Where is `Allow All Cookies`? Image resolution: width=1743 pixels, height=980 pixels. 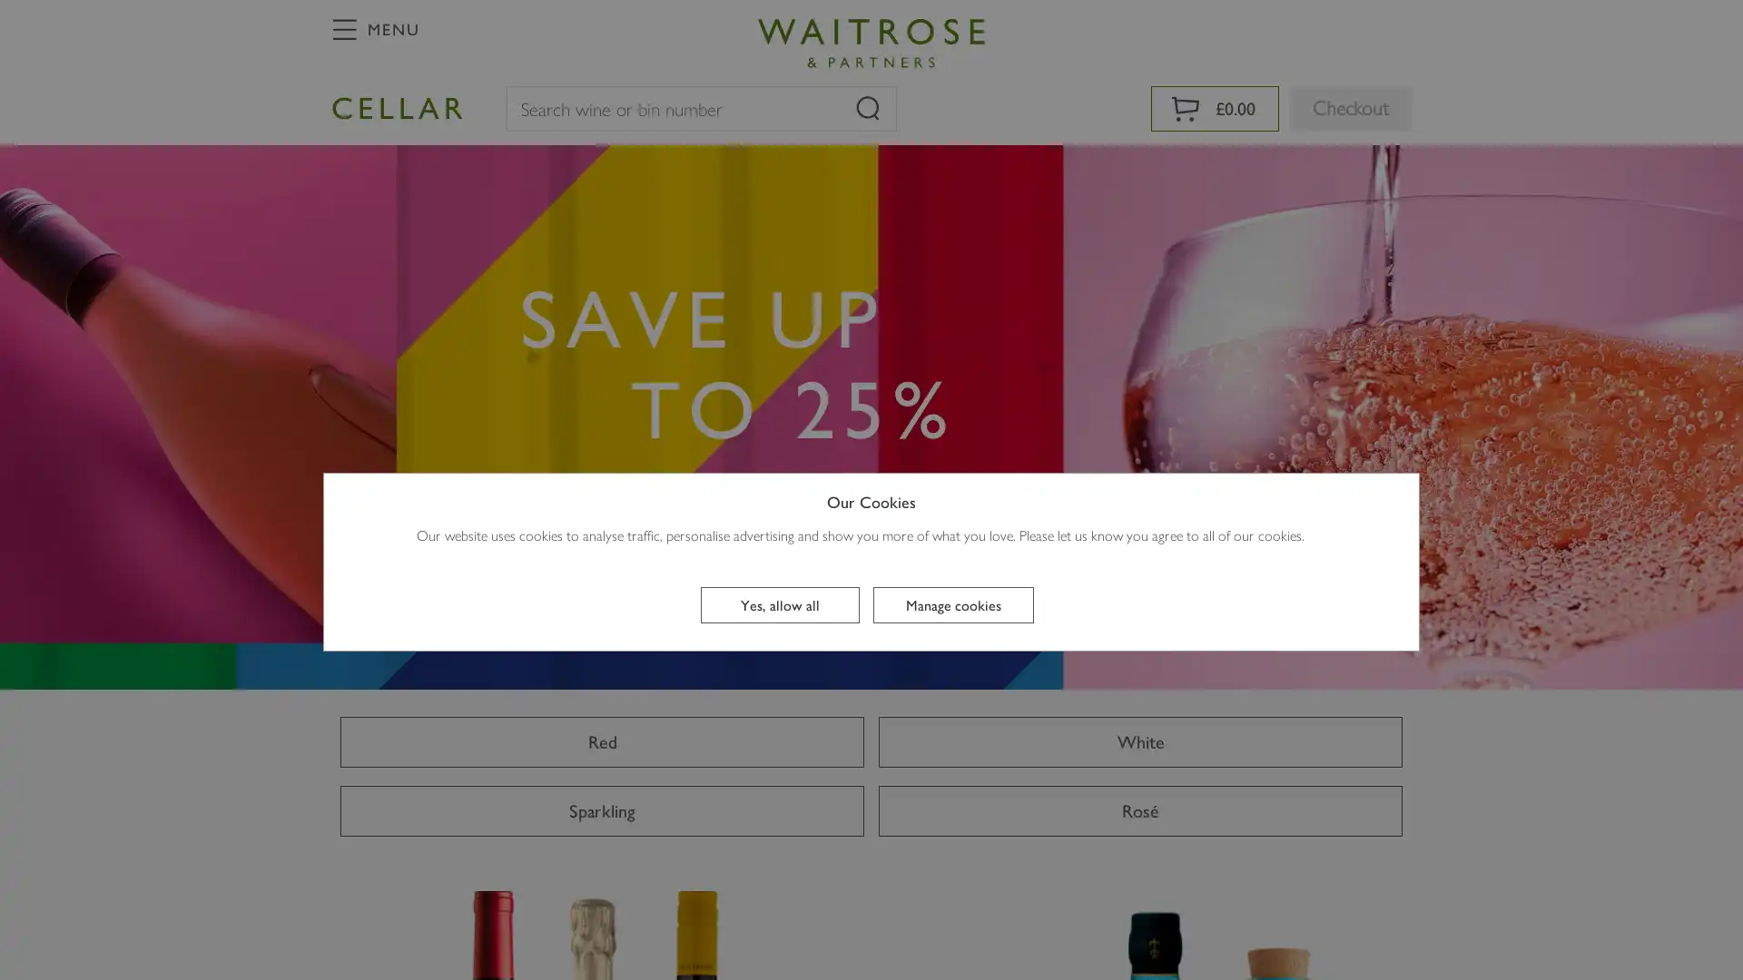 Allow All Cookies is located at coordinates (779, 605).